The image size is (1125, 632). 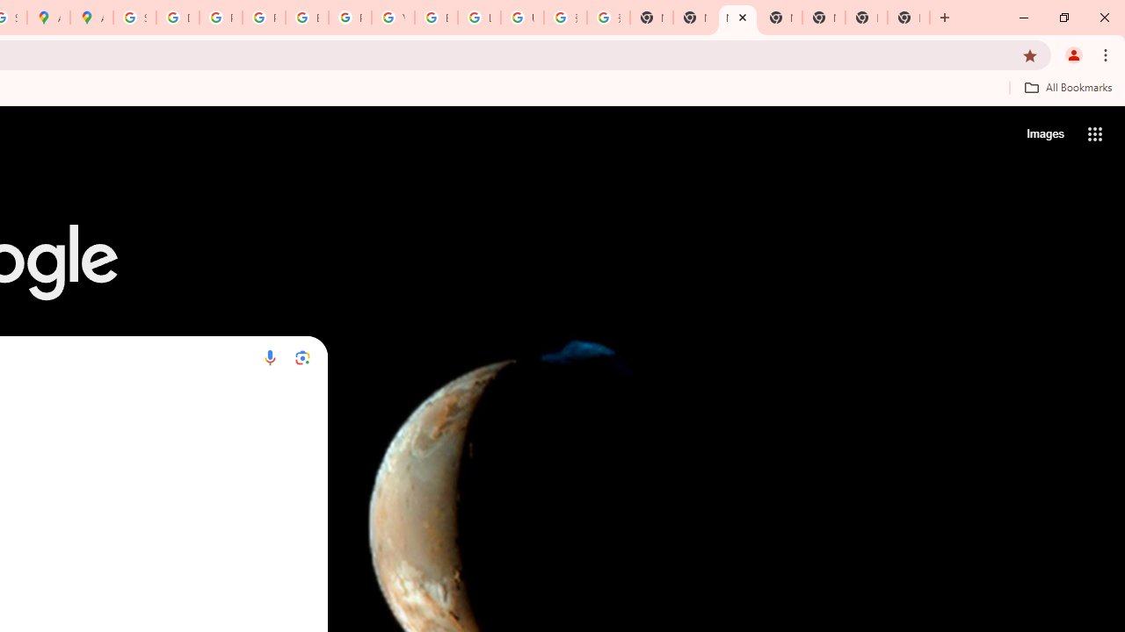 What do you see at coordinates (134, 18) in the screenshot?
I see `'Sign in - Google Accounts'` at bounding box center [134, 18].